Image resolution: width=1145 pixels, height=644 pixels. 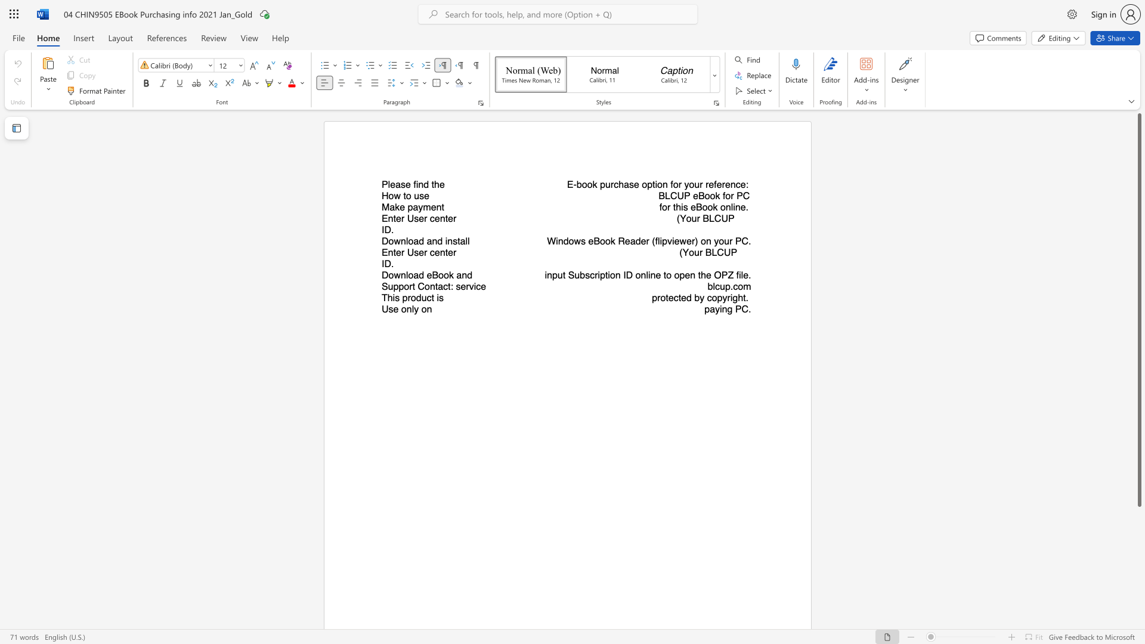 What do you see at coordinates (398, 286) in the screenshot?
I see `the subset text "port Contact: servi" within the text "Support Contact: service"` at bounding box center [398, 286].